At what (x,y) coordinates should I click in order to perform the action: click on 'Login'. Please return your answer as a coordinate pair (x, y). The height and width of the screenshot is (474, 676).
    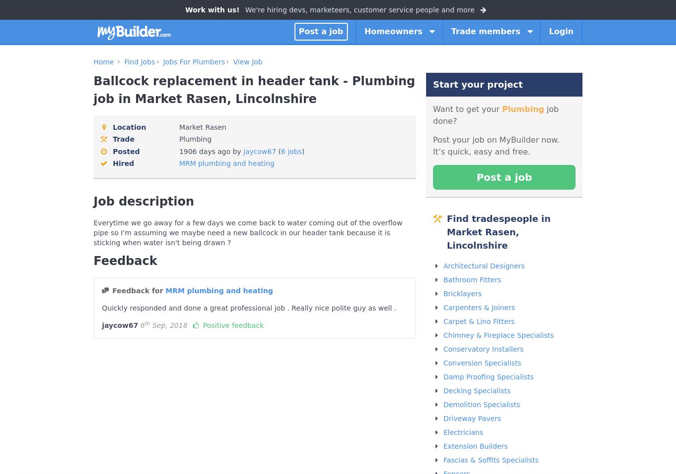
    Looking at the image, I should click on (561, 30).